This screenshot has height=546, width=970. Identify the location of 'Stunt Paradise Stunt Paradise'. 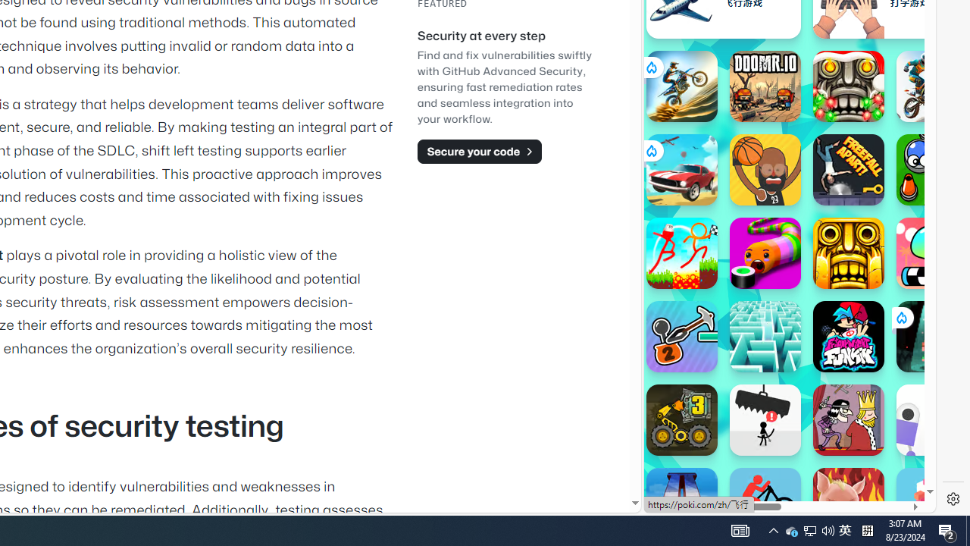
(681, 169).